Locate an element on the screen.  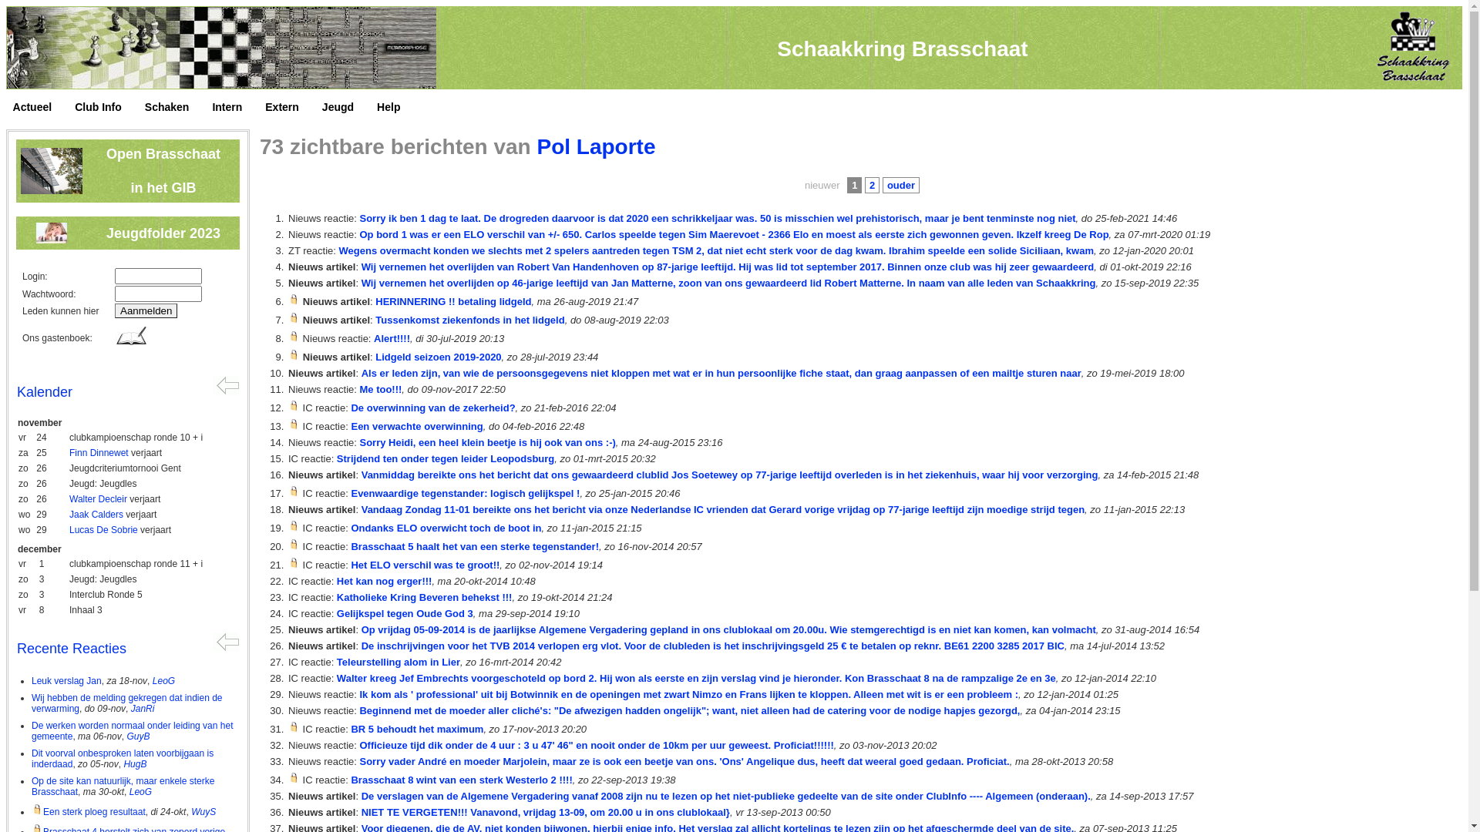
'Enkel zichtbaar voor clubleden' is located at coordinates (294, 404).